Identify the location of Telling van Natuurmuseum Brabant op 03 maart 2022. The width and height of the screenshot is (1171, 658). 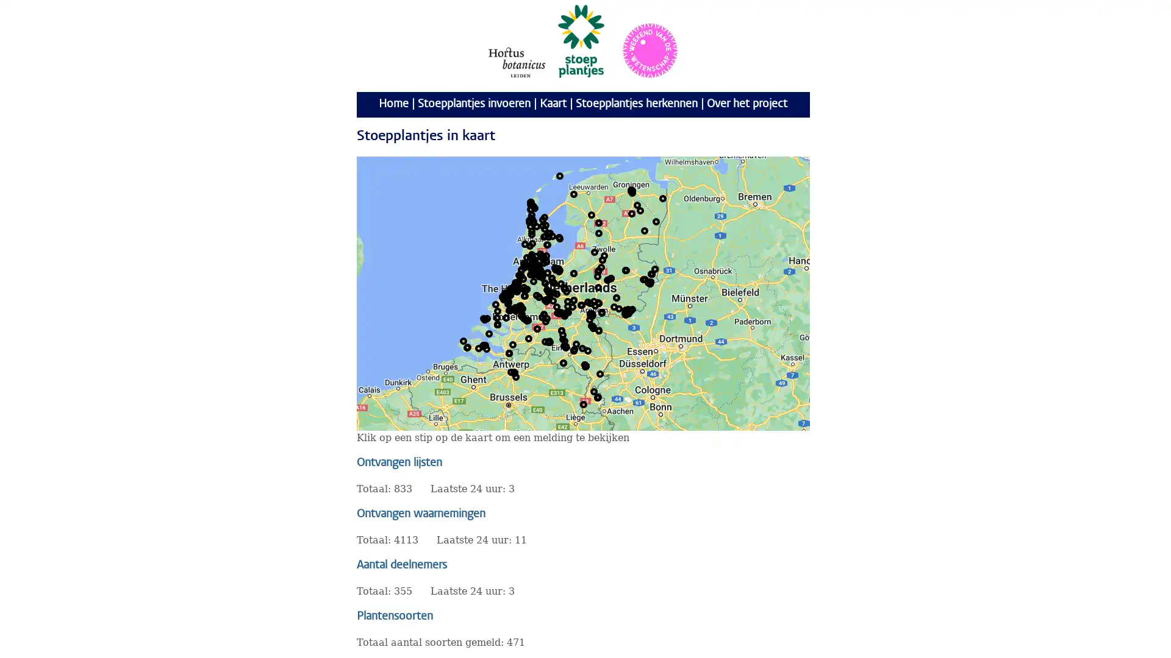
(548, 341).